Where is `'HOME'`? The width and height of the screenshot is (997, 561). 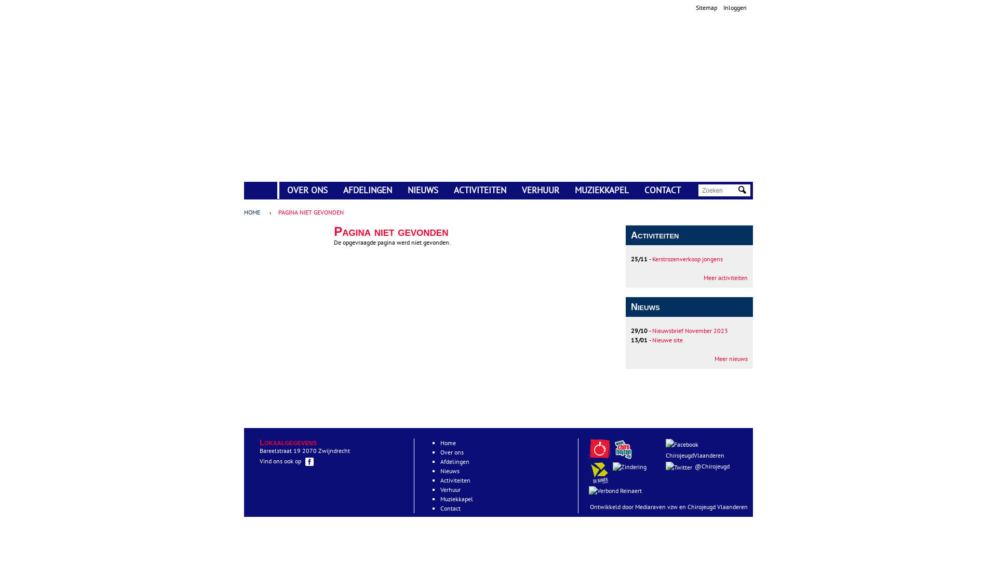
'HOME' is located at coordinates (244, 185).